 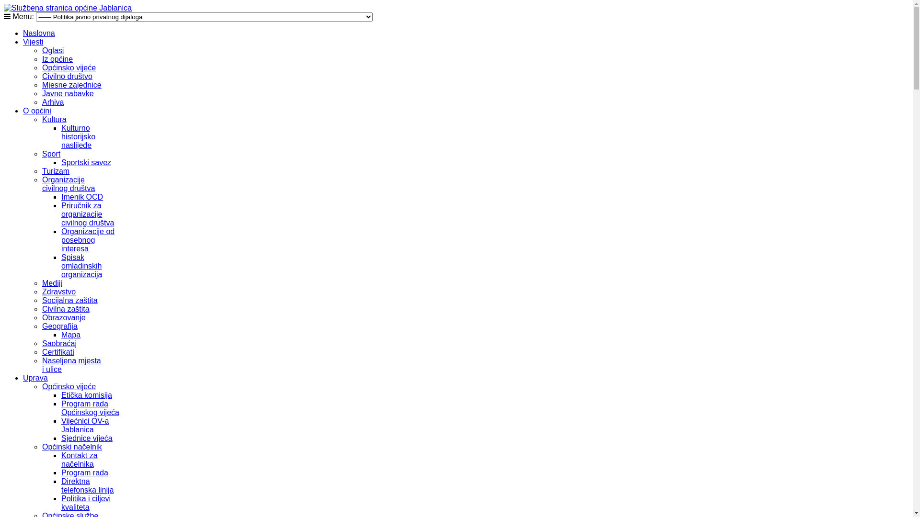 What do you see at coordinates (68, 93) in the screenshot?
I see `'Javne nabavke'` at bounding box center [68, 93].